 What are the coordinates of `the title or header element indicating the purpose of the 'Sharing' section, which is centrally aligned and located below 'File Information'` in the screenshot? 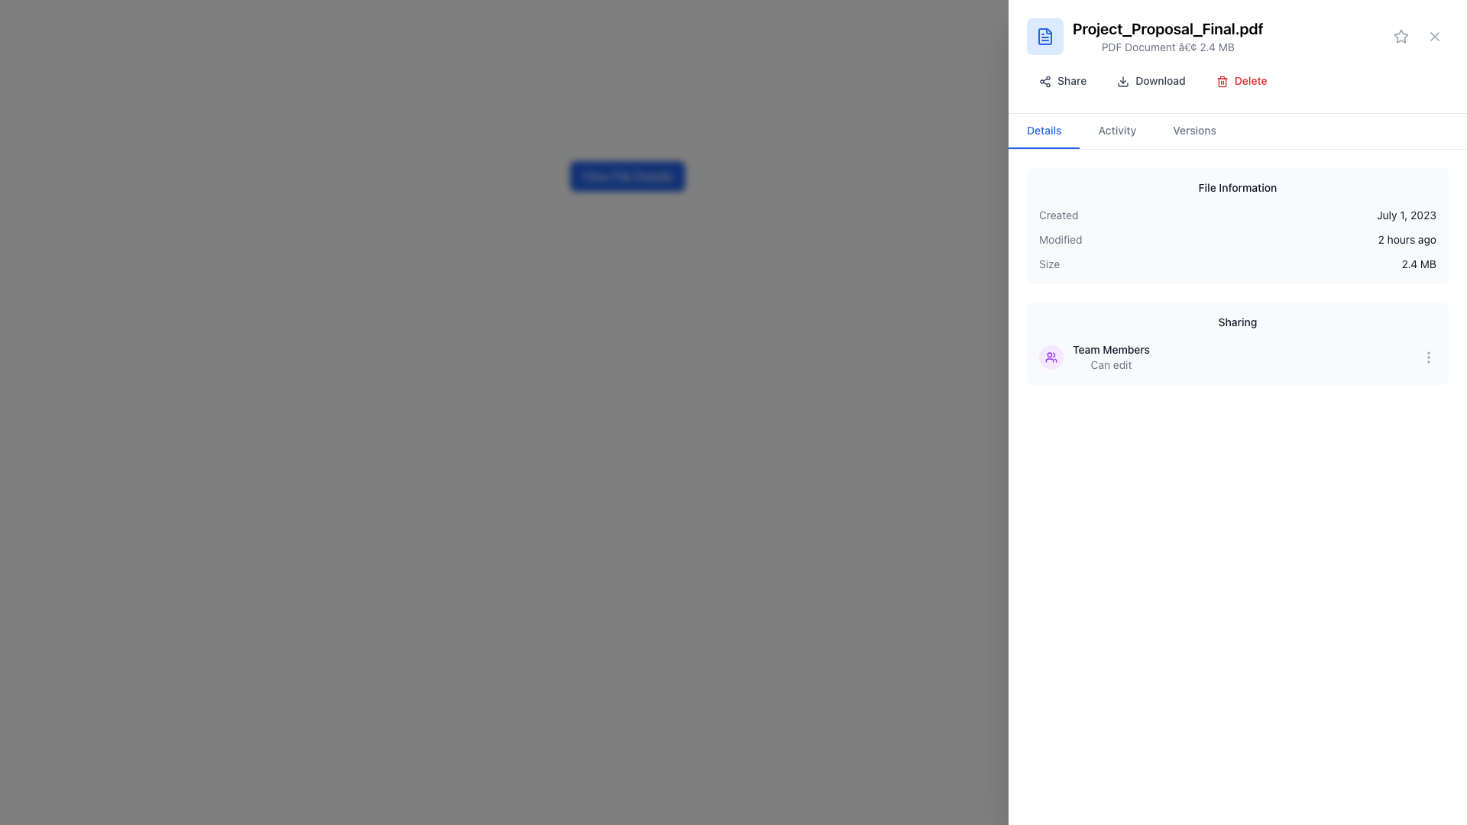 It's located at (1238, 321).